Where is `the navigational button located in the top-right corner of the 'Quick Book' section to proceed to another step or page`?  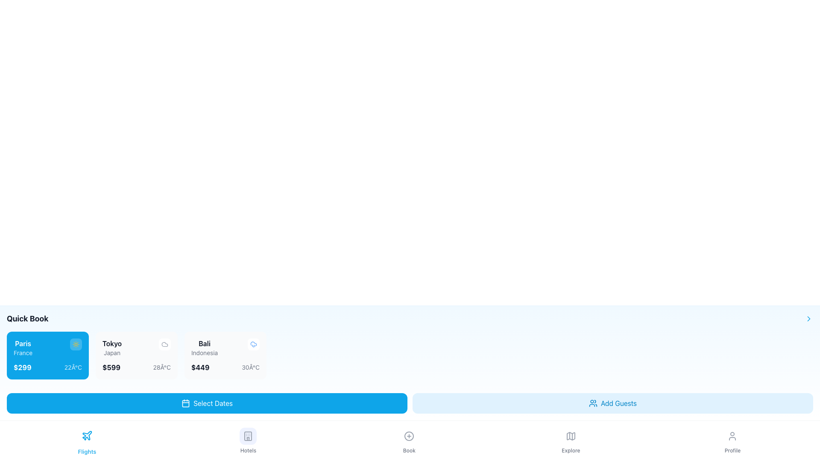
the navigational button located in the top-right corner of the 'Quick Book' section to proceed to another step or page is located at coordinates (808, 319).